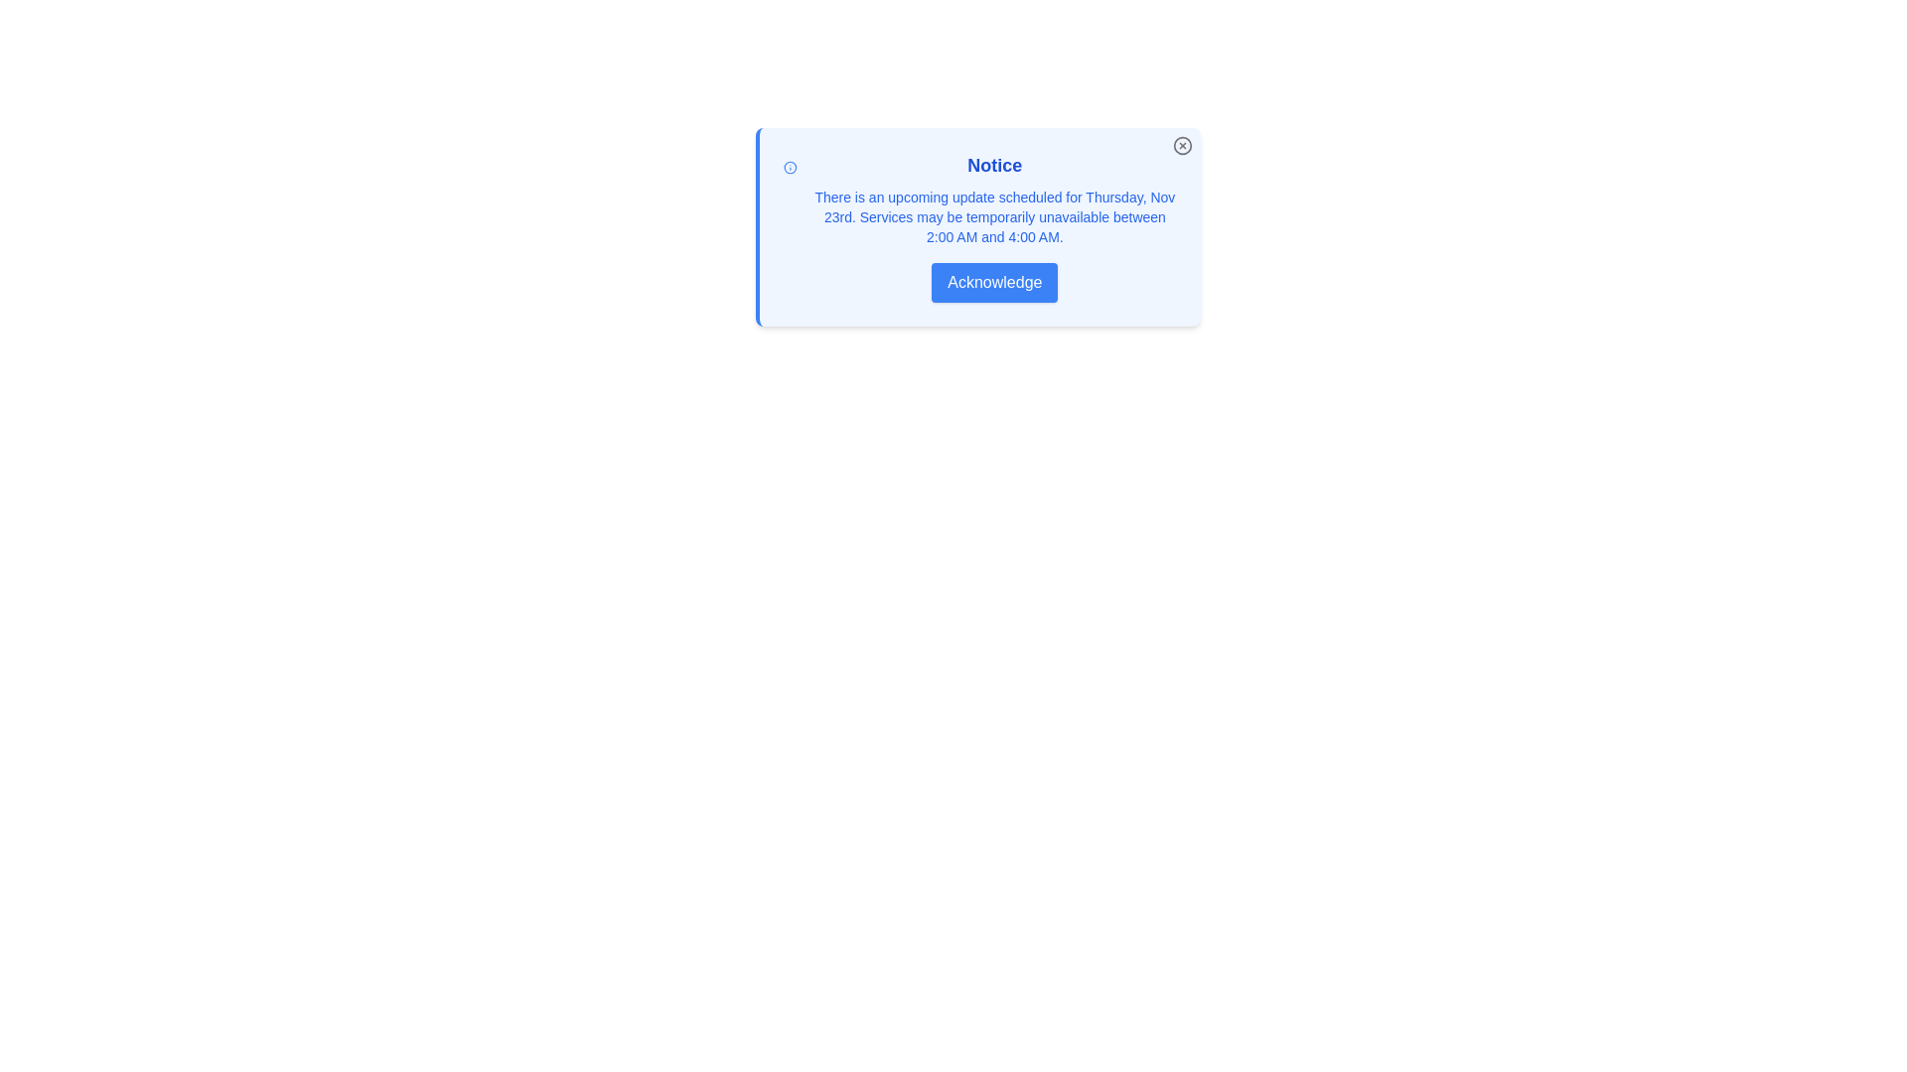 This screenshot has width=1907, height=1072. What do you see at coordinates (994, 217) in the screenshot?
I see `the static text element that conveys important information about a scheduled update, located below the 'Notice' heading and above the 'Acknowledge' button` at bounding box center [994, 217].